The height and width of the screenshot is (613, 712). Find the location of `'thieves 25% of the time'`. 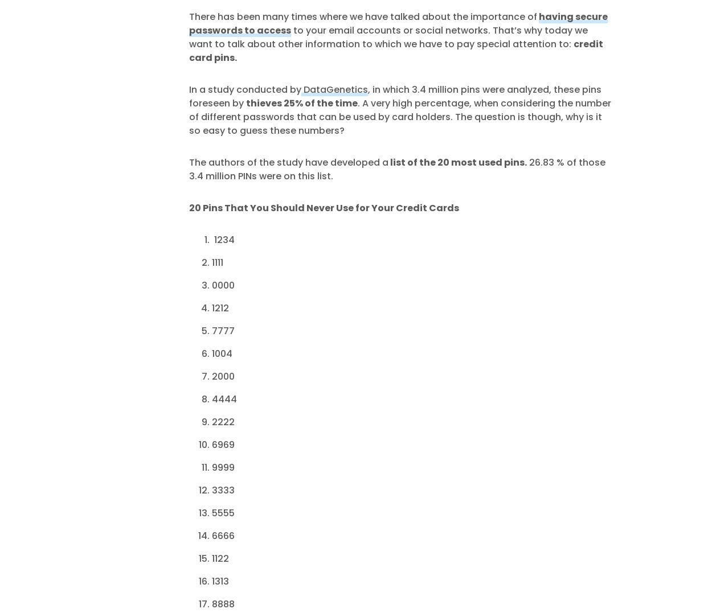

'thieves 25% of the time' is located at coordinates (301, 102).